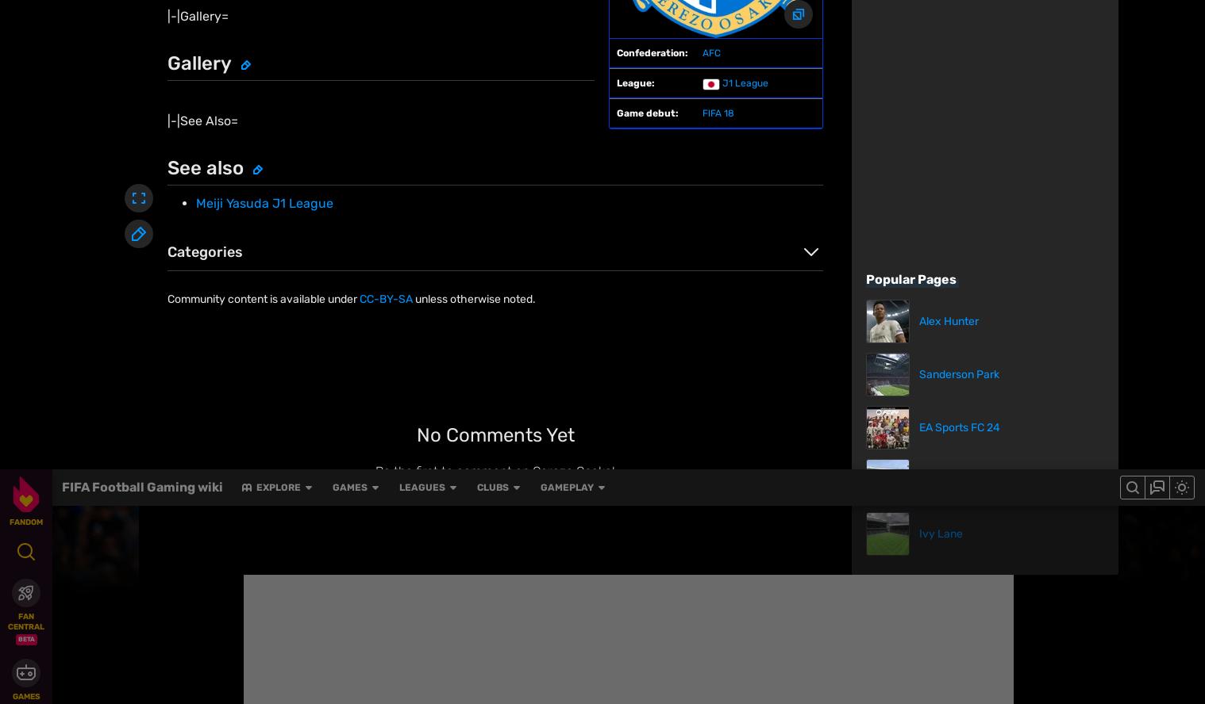 The image size is (1205, 704). I want to click on 'Muthead', so click(260, 695).